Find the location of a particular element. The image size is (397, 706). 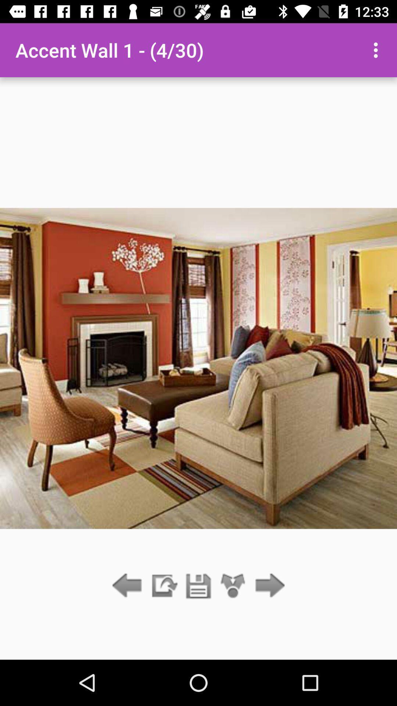

button to activate the next page is located at coordinates (268, 586).